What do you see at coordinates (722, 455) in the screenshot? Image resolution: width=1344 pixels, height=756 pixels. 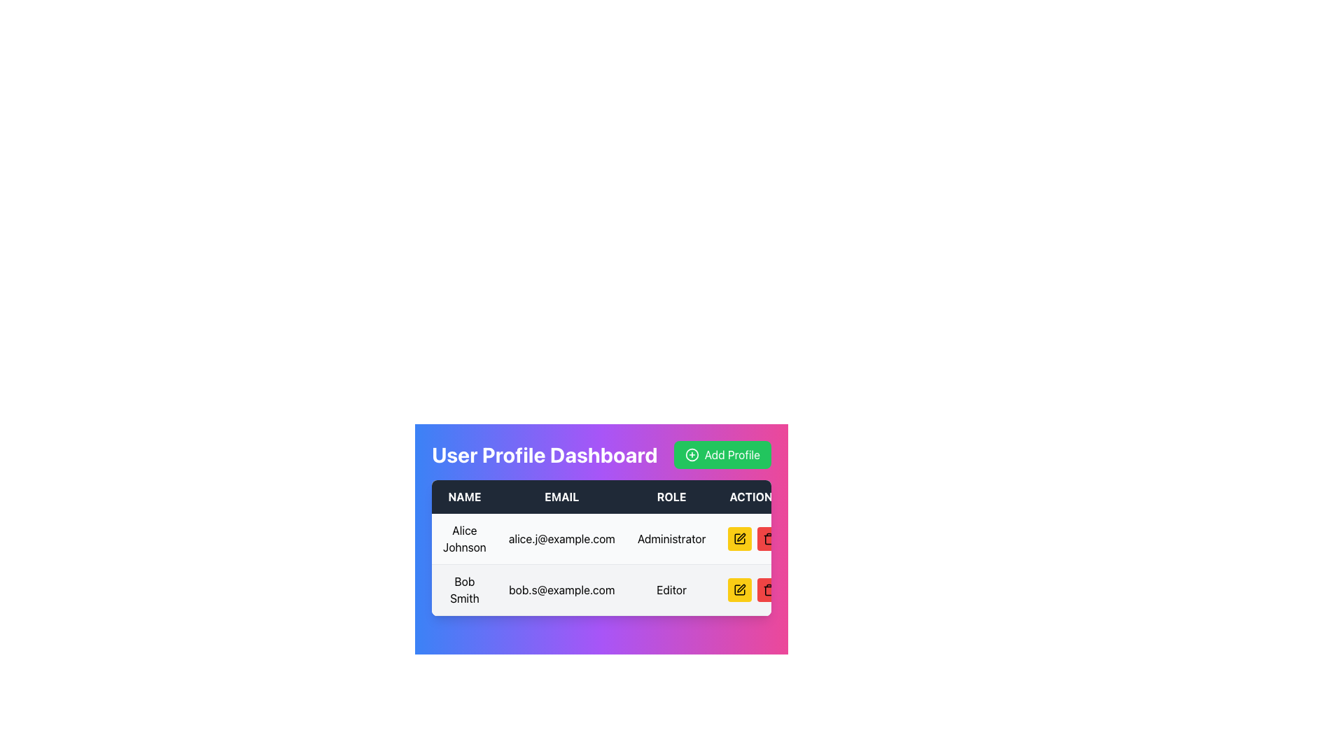 I see `the 'Add Profile' button located in the top-right corner of the 'User Profile Dashboard' header` at bounding box center [722, 455].